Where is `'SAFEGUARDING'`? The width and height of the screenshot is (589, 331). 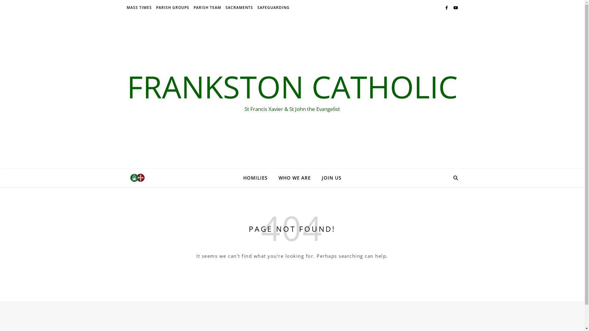
'SAFEGUARDING' is located at coordinates (272, 7).